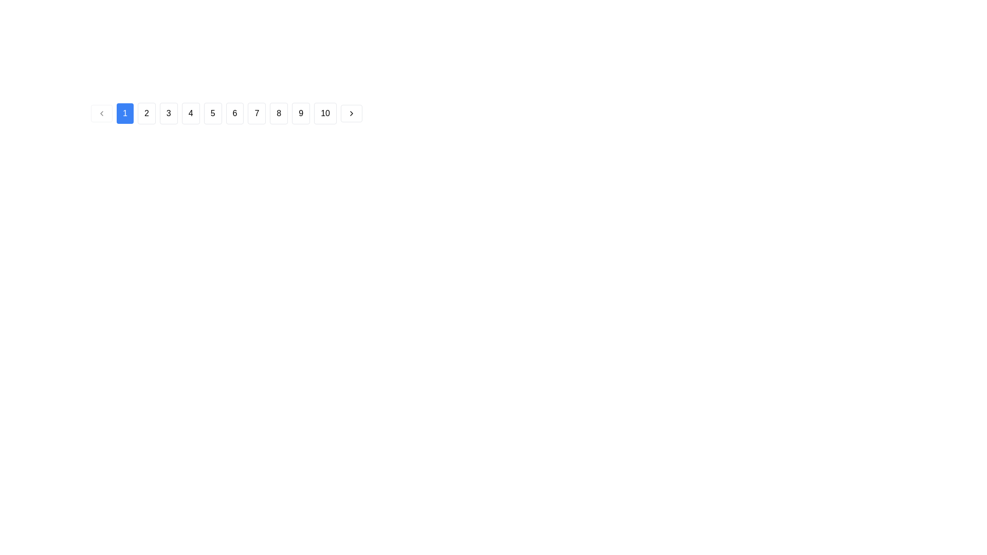 The width and height of the screenshot is (987, 555). I want to click on the pagination button labeled '4', so click(191, 113).